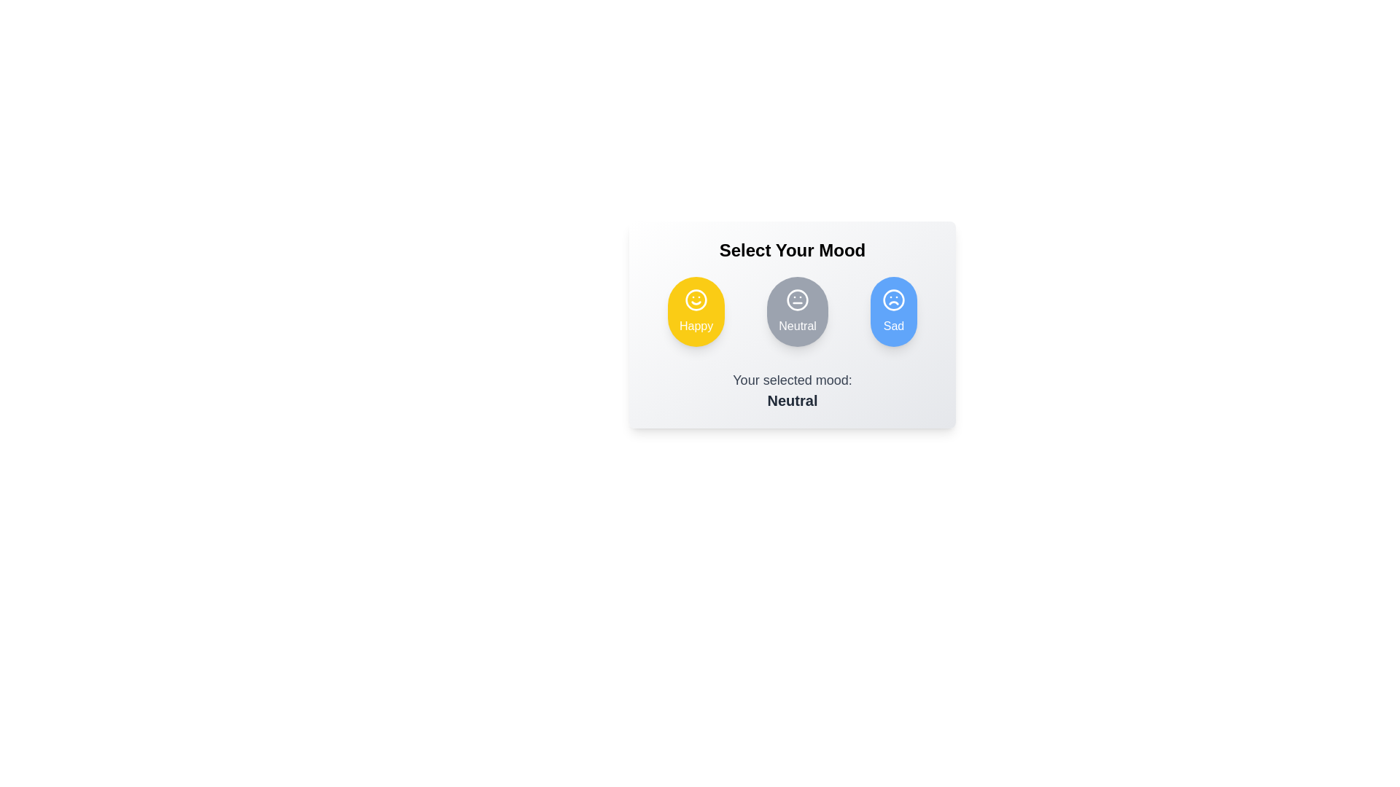 The width and height of the screenshot is (1400, 787). What do you see at coordinates (696, 311) in the screenshot?
I see `the left-most circular button with a yellow background and a white smiley face icon labeled 'Happy'` at bounding box center [696, 311].